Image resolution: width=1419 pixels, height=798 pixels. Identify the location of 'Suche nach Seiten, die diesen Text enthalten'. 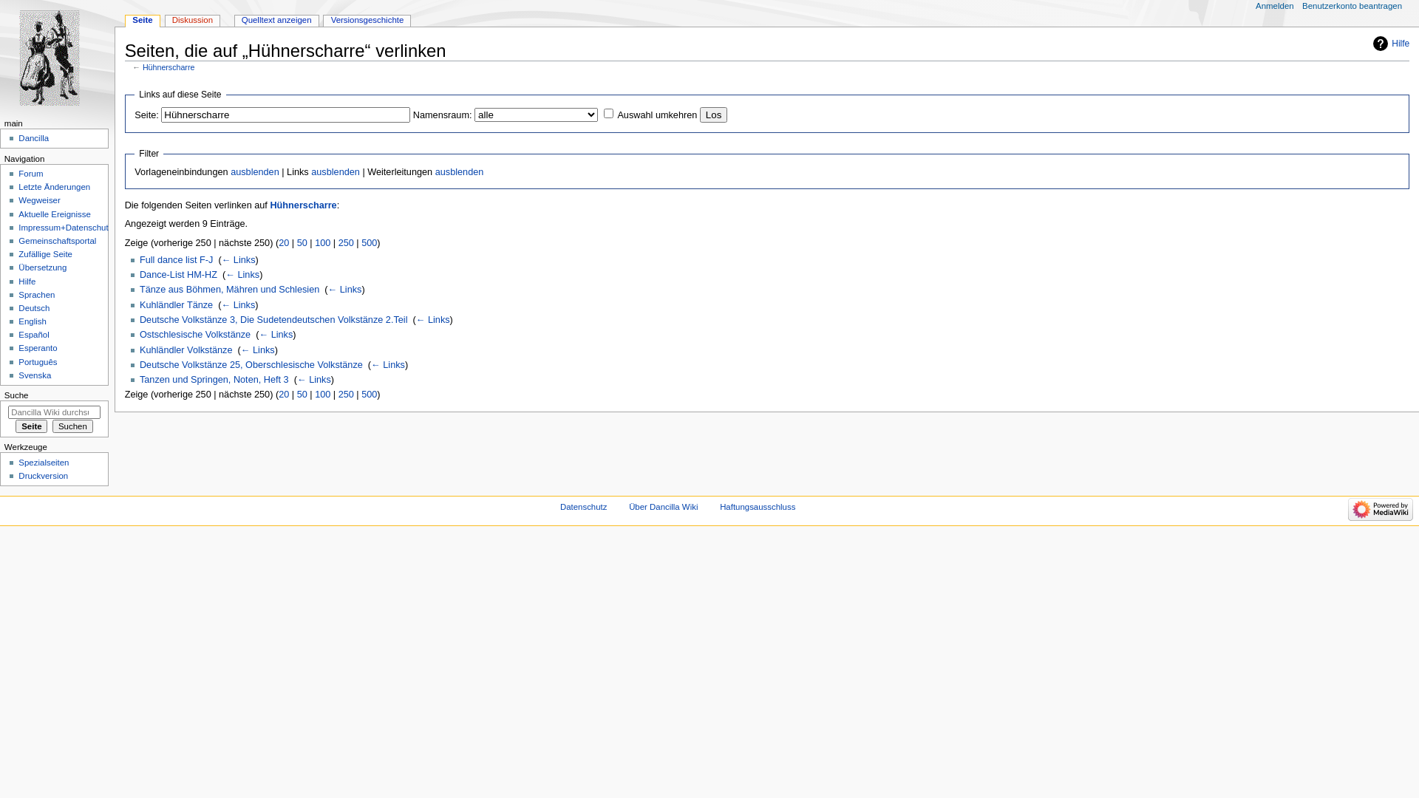
(72, 426).